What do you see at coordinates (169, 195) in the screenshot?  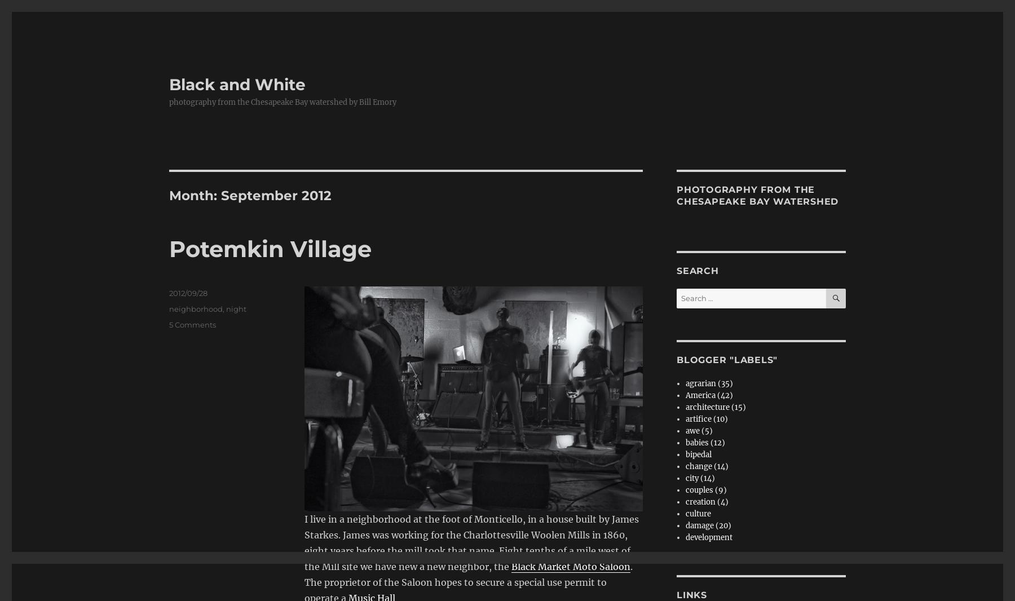 I see `'Month:'` at bounding box center [169, 195].